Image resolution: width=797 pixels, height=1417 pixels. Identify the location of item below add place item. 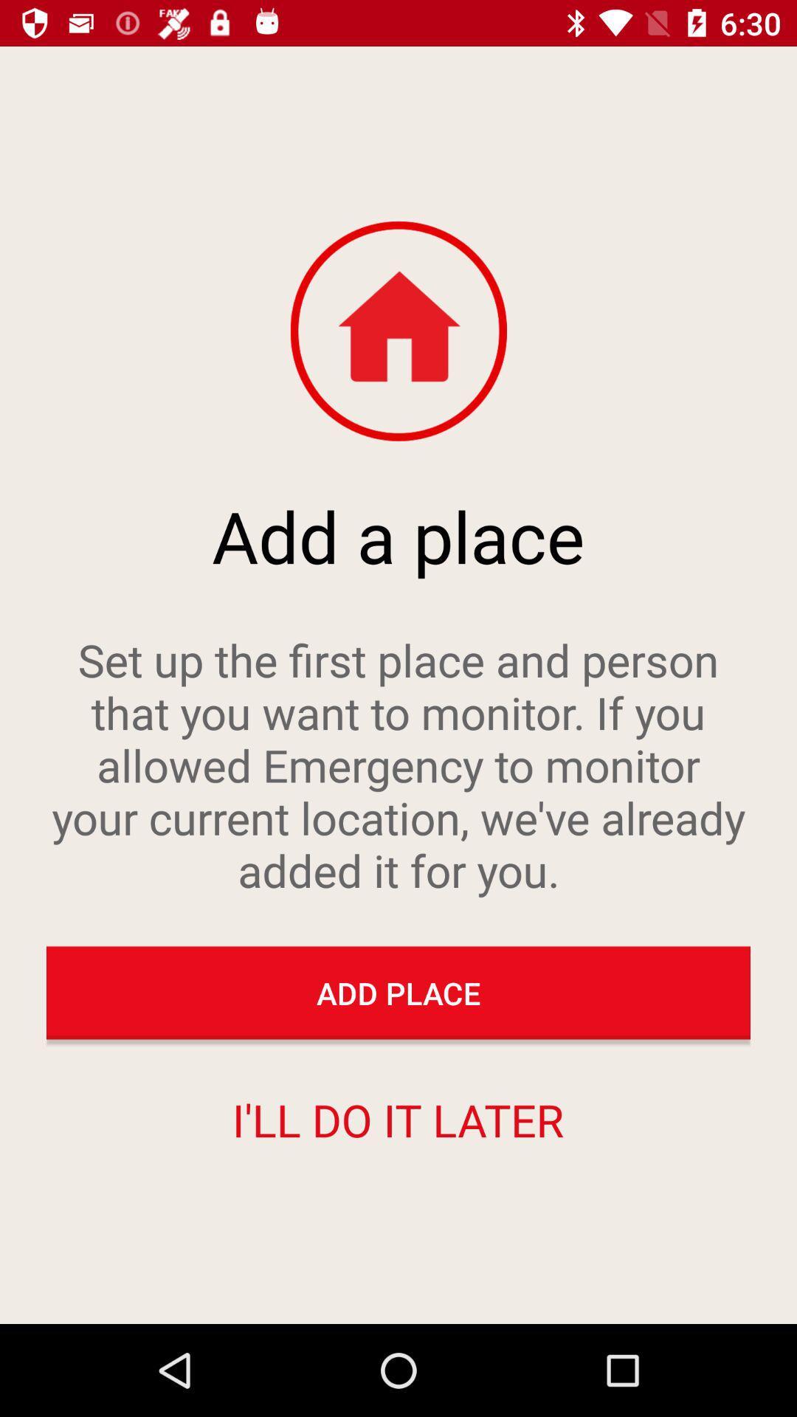
(397, 1120).